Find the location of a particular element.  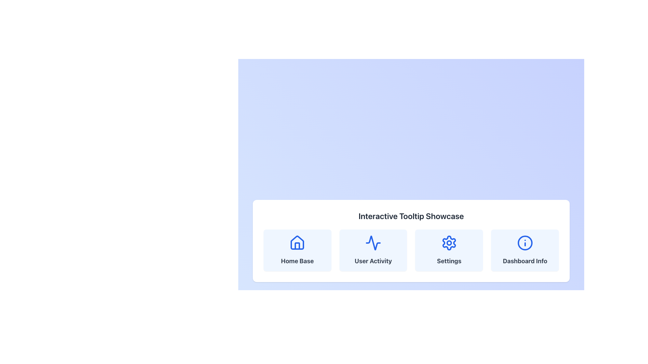

the button that is the third item in a grid layout, located between 'User Activity' and 'Dashboard Info', to possibly reveal additional information or effects is located at coordinates (449, 250).